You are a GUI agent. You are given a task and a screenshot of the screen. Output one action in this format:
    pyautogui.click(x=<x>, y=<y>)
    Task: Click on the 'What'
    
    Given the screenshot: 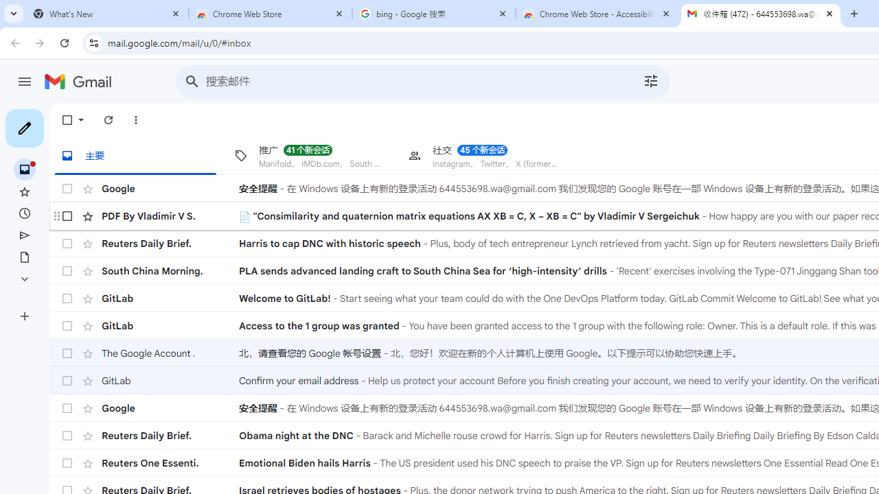 What is the action you would take?
    pyautogui.click(x=106, y=14)
    